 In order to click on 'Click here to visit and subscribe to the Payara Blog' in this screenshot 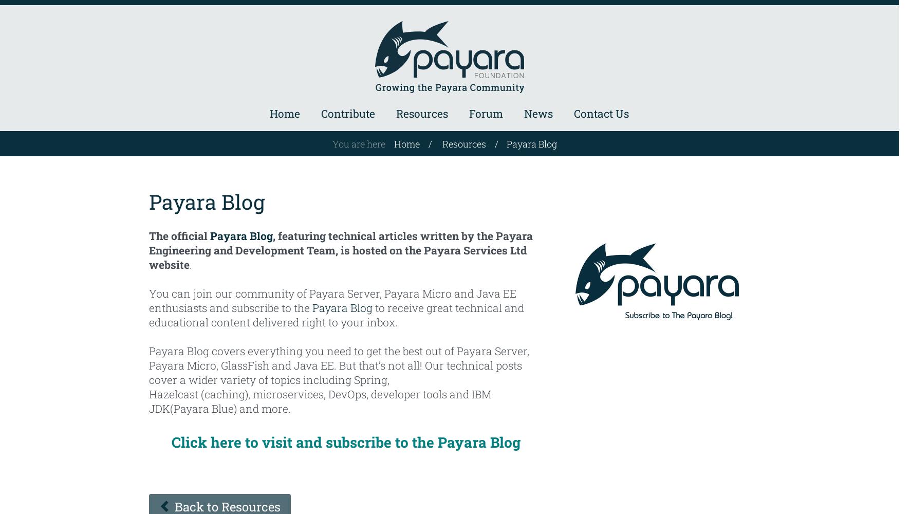, I will do `click(345, 442)`.